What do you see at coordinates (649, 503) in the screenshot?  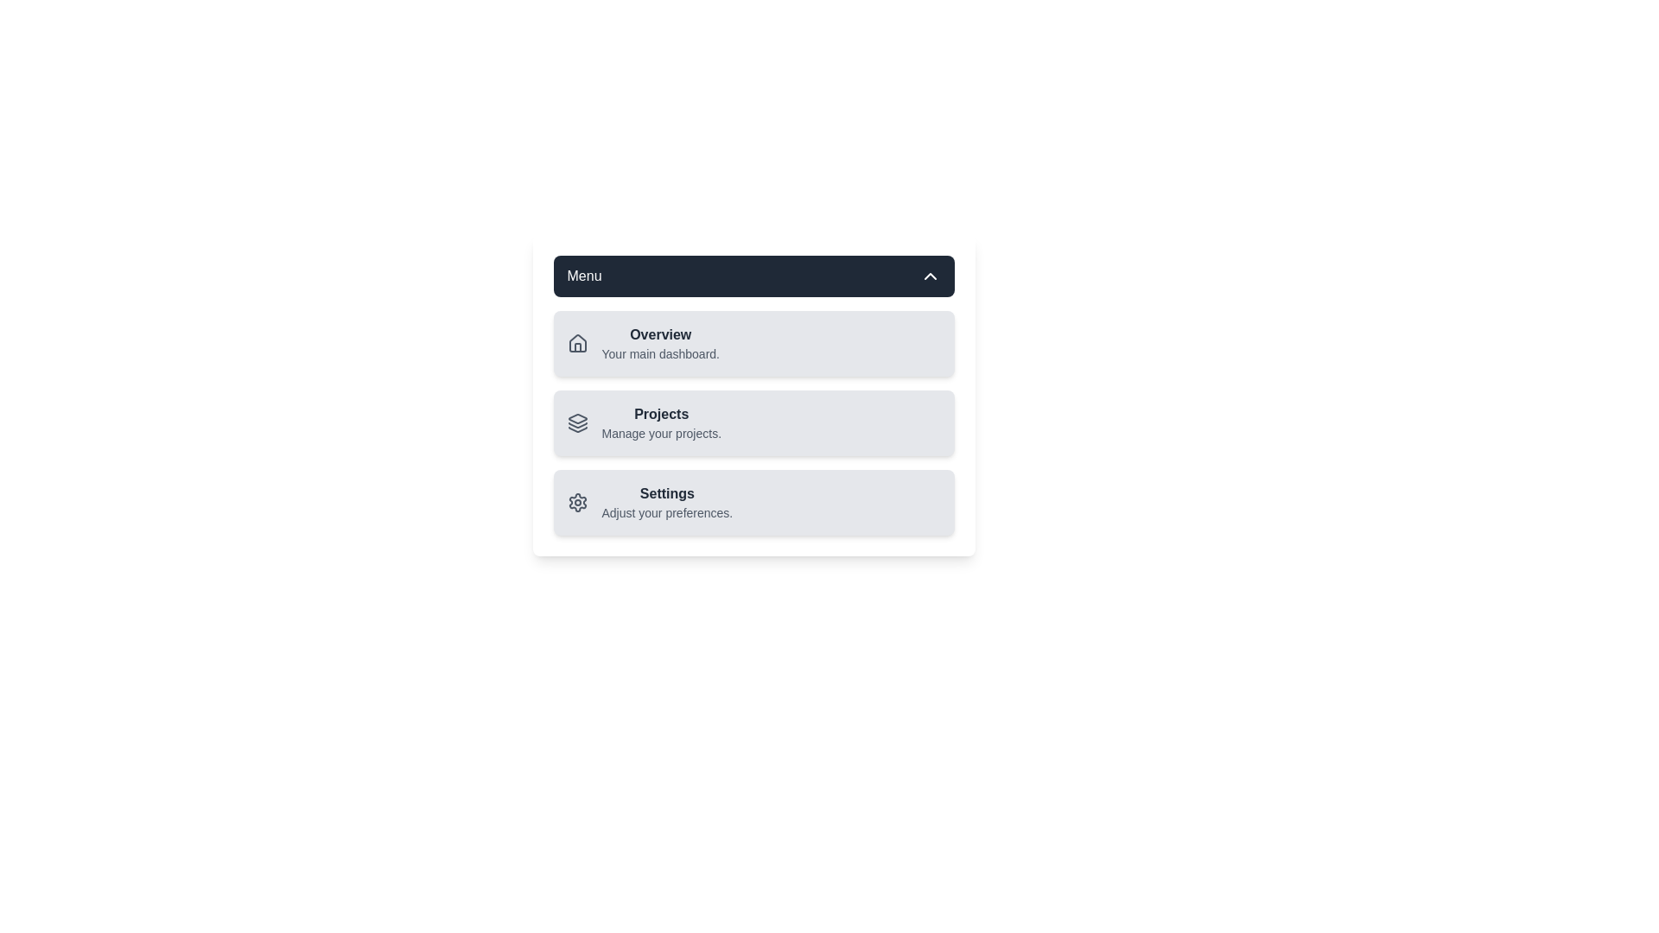 I see `the menu item Settings from the list` at bounding box center [649, 503].